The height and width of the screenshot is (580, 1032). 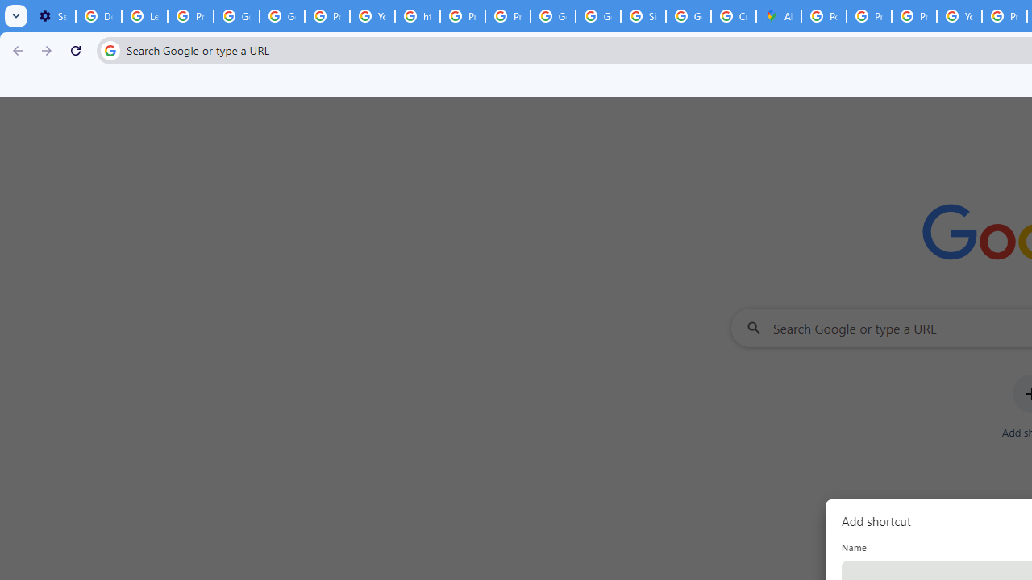 What do you see at coordinates (52, 16) in the screenshot?
I see `'Settings - On startup'` at bounding box center [52, 16].